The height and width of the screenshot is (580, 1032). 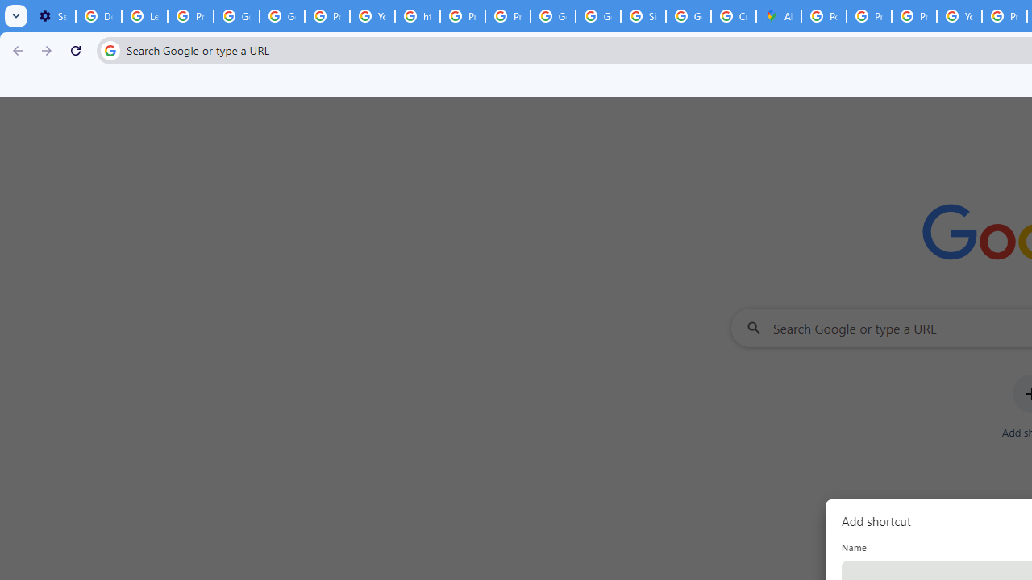 What do you see at coordinates (52, 16) in the screenshot?
I see `'Settings - On startup'` at bounding box center [52, 16].